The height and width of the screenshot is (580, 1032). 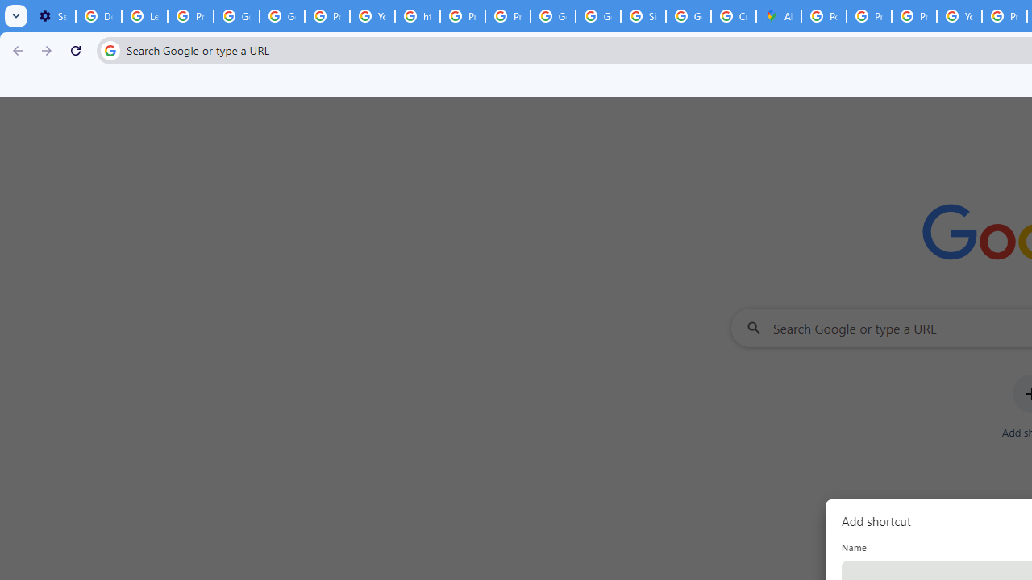 What do you see at coordinates (52, 16) in the screenshot?
I see `'Settings - On startup'` at bounding box center [52, 16].